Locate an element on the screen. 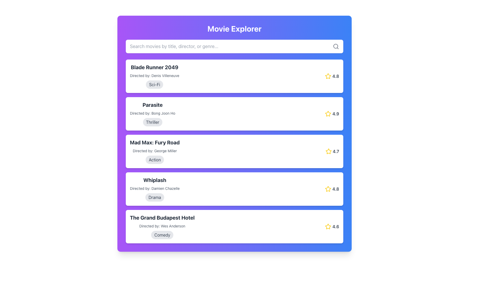 This screenshot has width=502, height=282. the text label displaying the title 'Parasite' in bold, black font, which is centrally positioned above the text 'Directed by: Bong Joon Ho' within the second movie item in the vertical list is located at coordinates (152, 105).